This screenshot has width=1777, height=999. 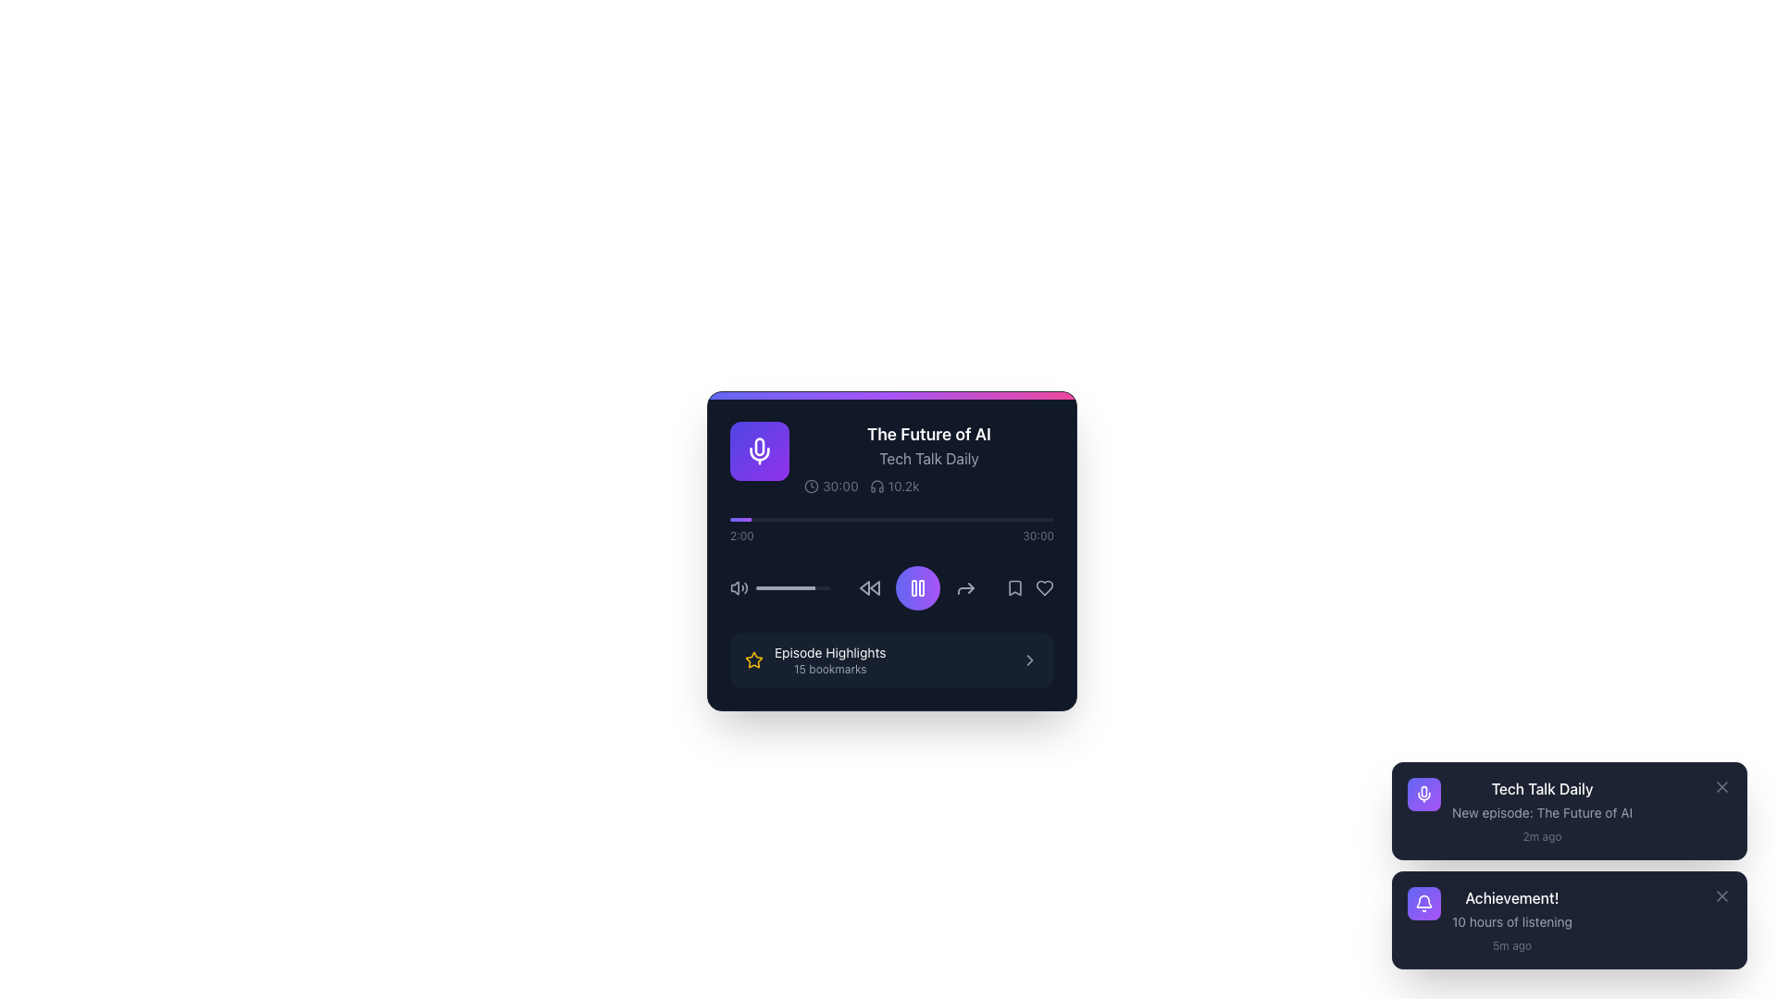 I want to click on the circular button with a gradient background and a white pause icon, so click(x=918, y=588).